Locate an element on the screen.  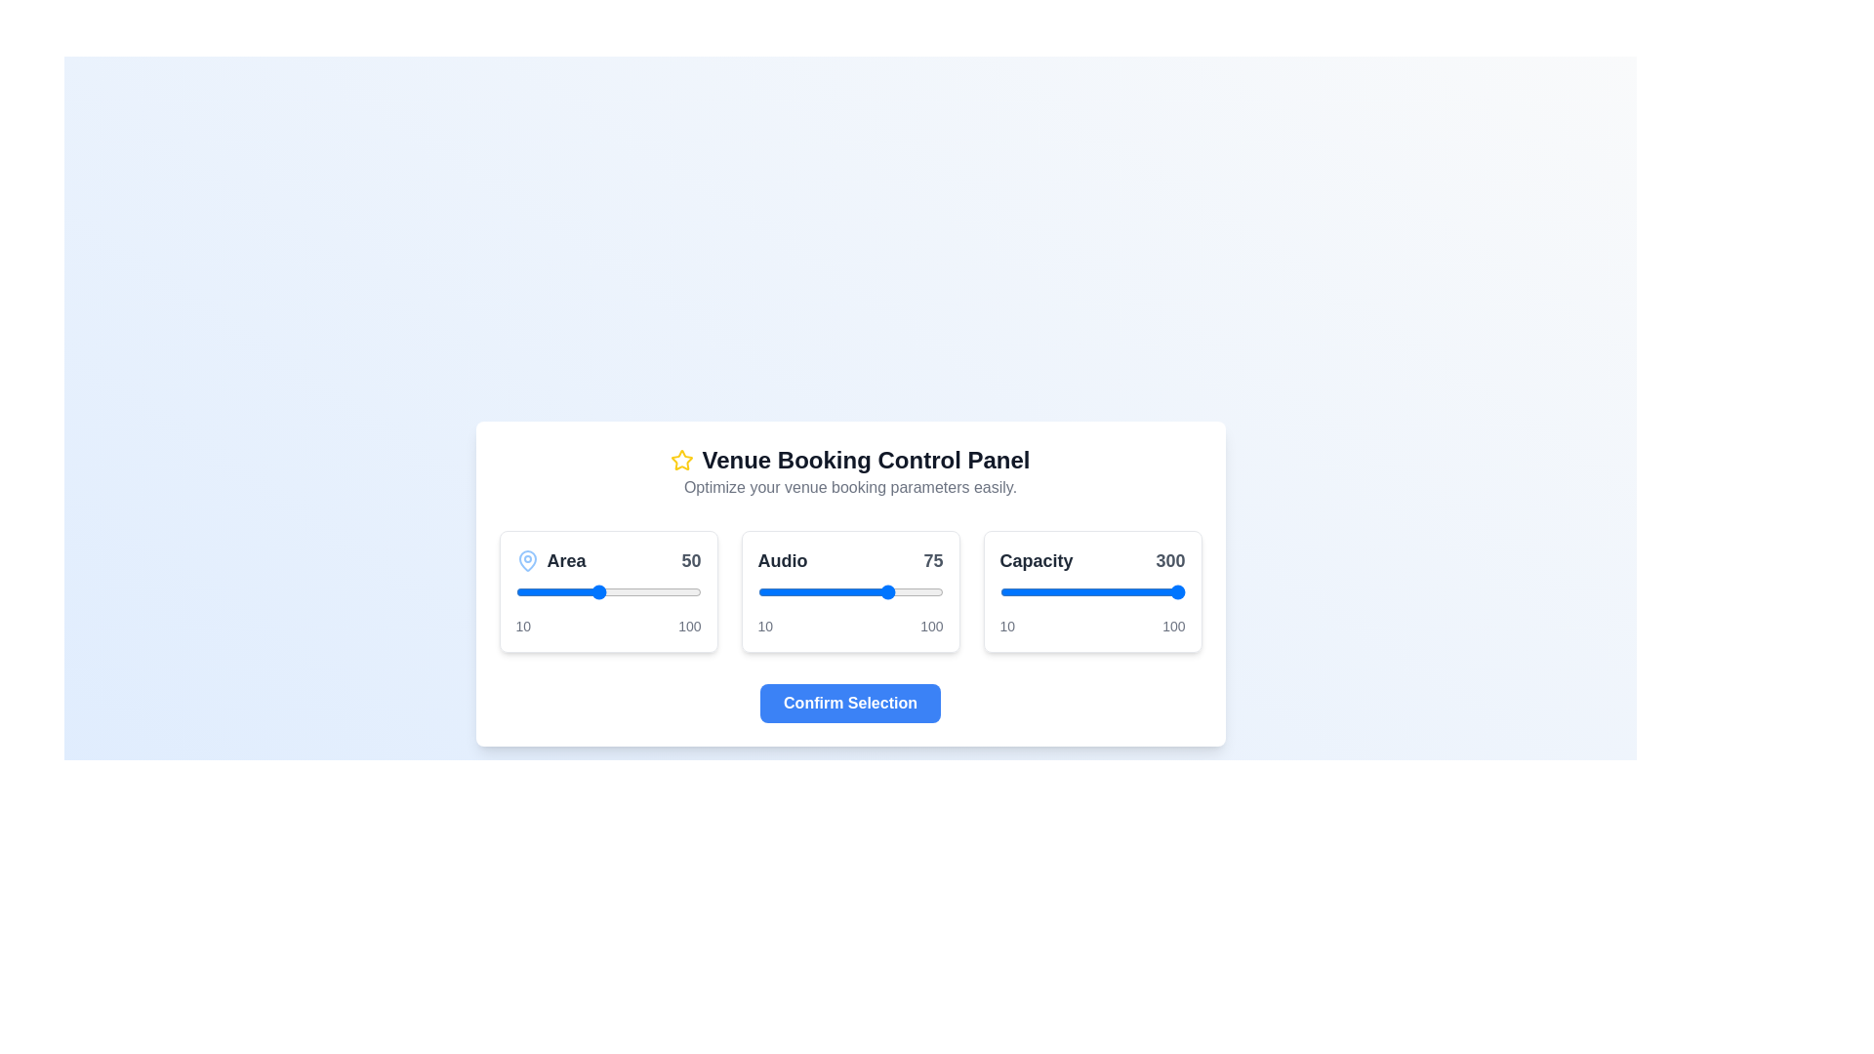
the Area slider is located at coordinates (517, 590).